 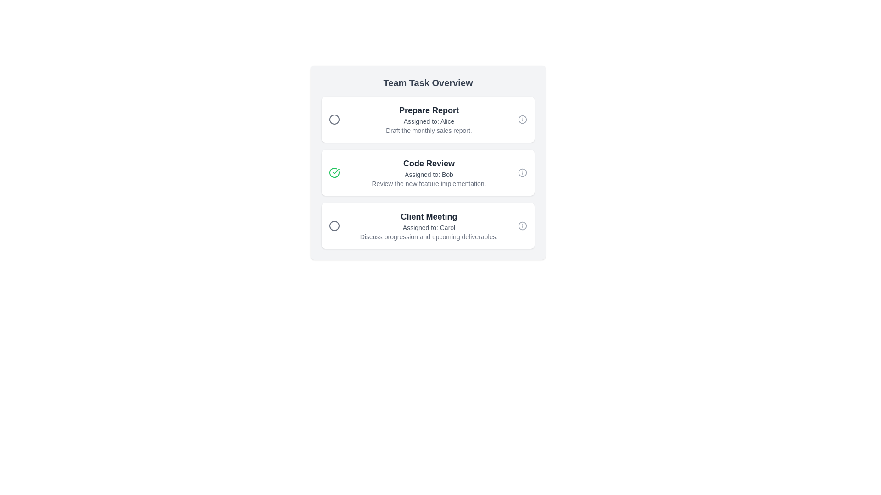 What do you see at coordinates (522, 226) in the screenshot?
I see `the circular information icon located on the right side of the 'Client Meeting' section` at bounding box center [522, 226].